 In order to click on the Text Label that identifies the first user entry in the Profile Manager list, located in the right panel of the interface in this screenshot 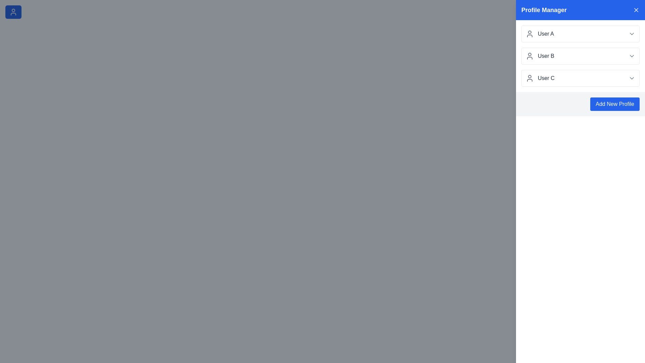, I will do `click(546, 34)`.